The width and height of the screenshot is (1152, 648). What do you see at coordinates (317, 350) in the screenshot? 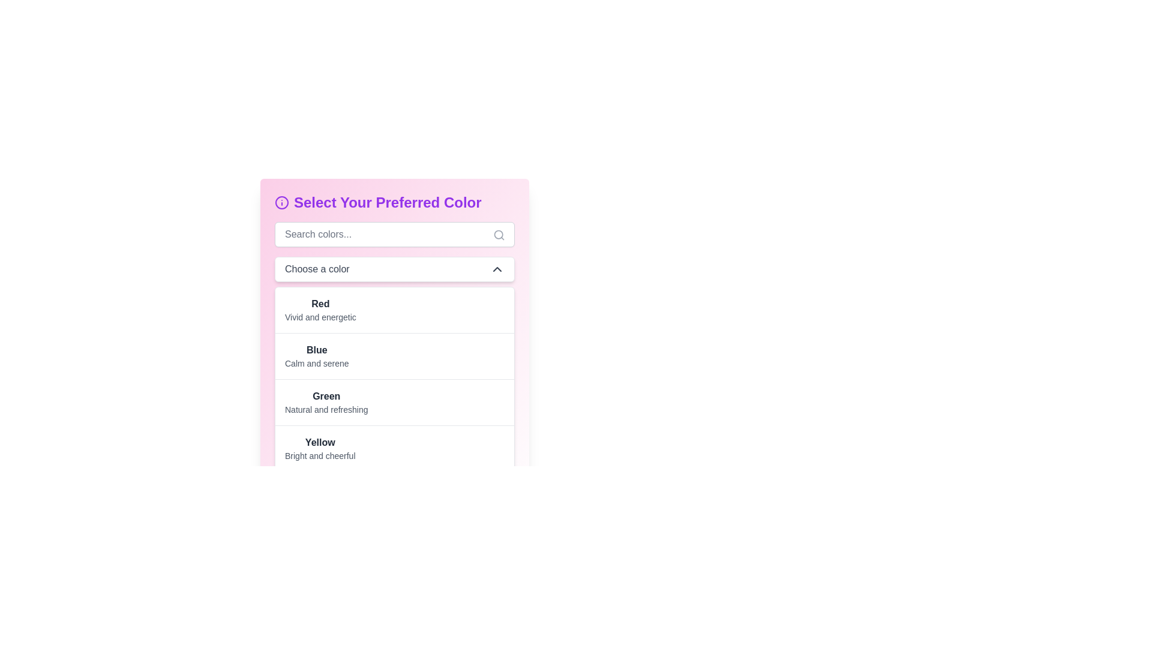
I see `the bolded text element displaying the word 'Blue', which is part of a vertical list of color options below the 'Choose a color' dropdown menu` at bounding box center [317, 350].